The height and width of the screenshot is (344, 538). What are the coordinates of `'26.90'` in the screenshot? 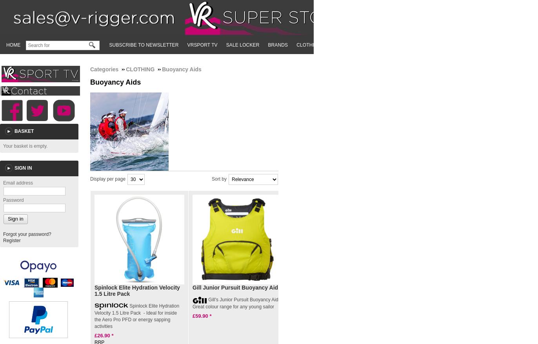 It's located at (103, 335).